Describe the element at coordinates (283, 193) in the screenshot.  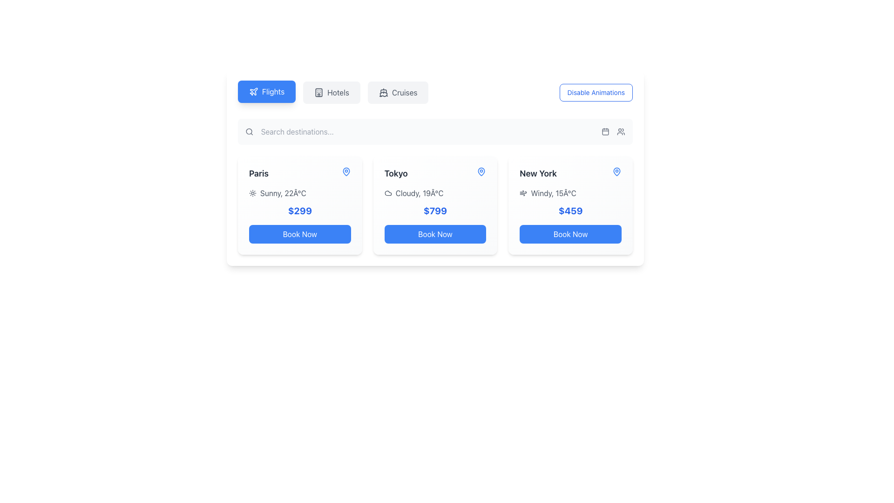
I see `the text label displaying 'Sunny, 22°C' that provides weather information for Paris, located under the 'Paris' label and above the price information` at that location.